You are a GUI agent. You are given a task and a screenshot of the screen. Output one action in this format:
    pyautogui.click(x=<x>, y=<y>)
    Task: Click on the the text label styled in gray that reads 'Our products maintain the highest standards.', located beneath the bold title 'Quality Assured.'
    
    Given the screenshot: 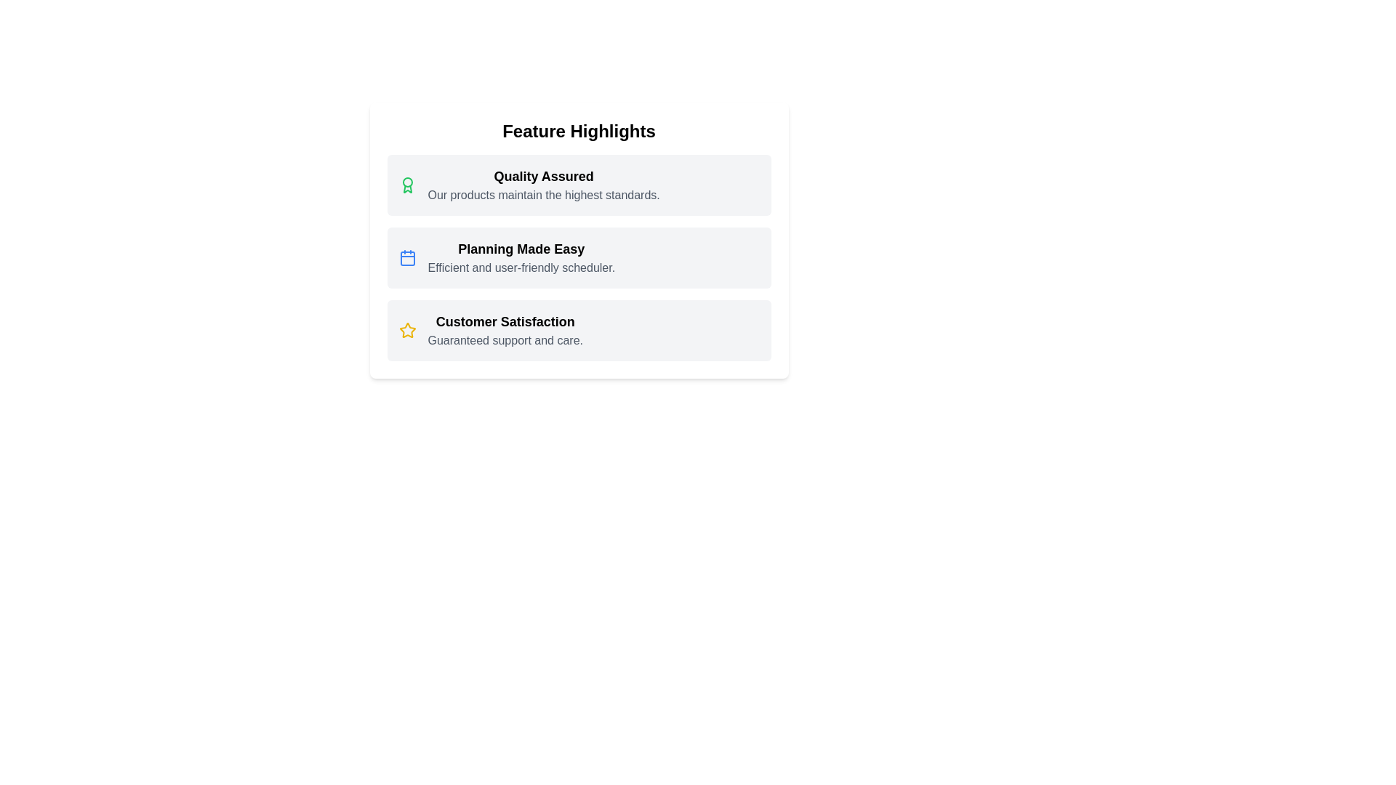 What is the action you would take?
    pyautogui.click(x=543, y=195)
    